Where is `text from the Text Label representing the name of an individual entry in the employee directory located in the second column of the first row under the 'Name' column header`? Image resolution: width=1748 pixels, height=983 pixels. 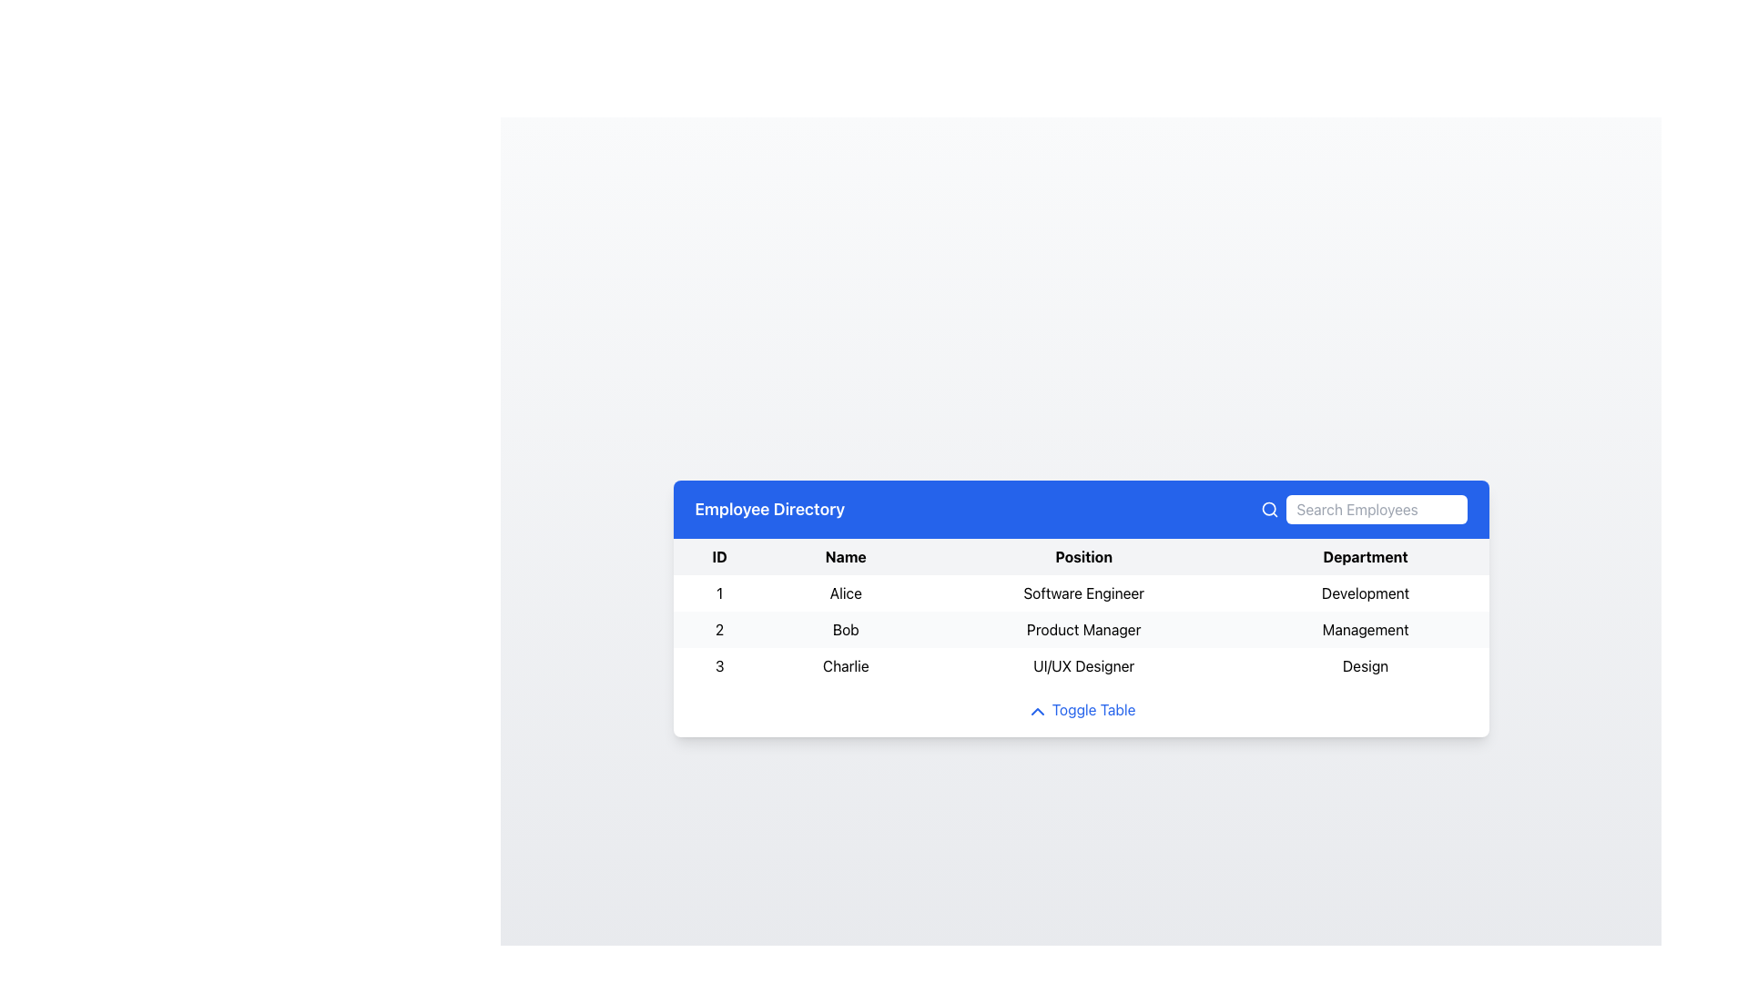
text from the Text Label representing the name of an individual entry in the employee directory located in the second column of the first row under the 'Name' column header is located at coordinates (845, 593).